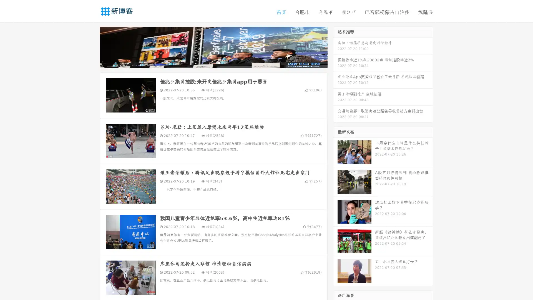  Describe the element at coordinates (208, 62) in the screenshot. I see `Go to slide 1` at that location.